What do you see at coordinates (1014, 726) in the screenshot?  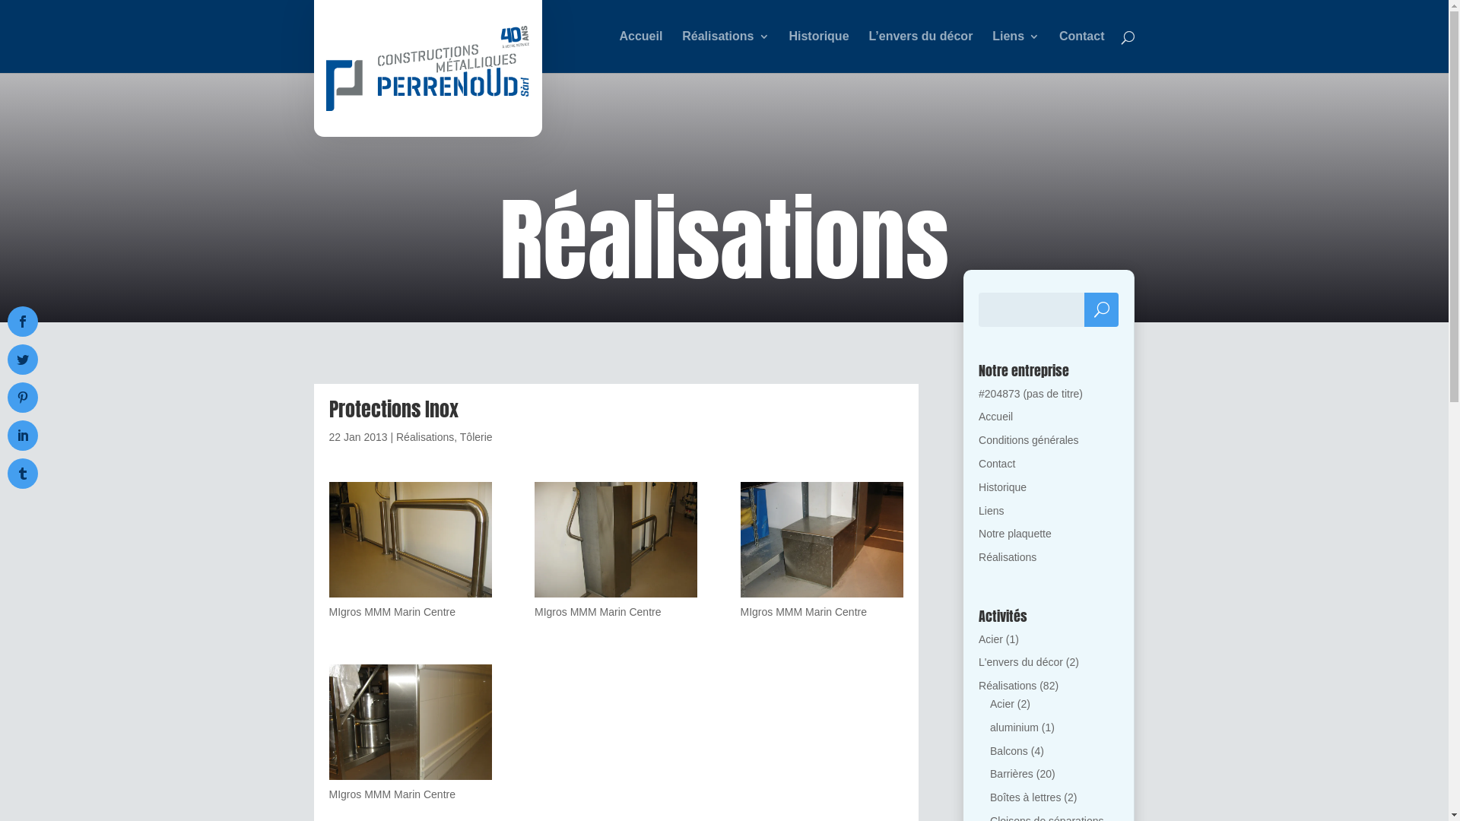 I see `'aluminium'` at bounding box center [1014, 726].